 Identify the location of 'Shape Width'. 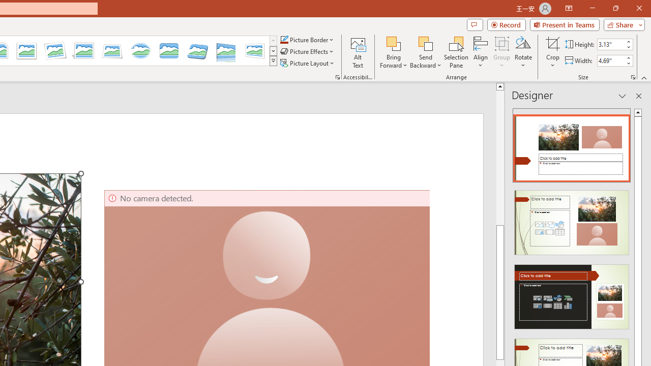
(610, 60).